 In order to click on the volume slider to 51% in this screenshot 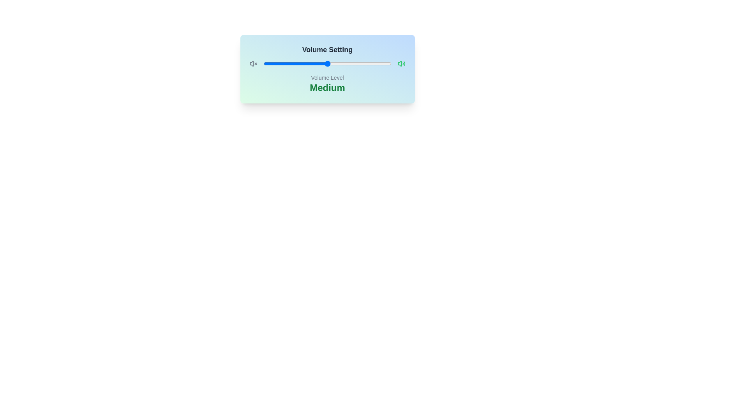, I will do `click(328, 63)`.